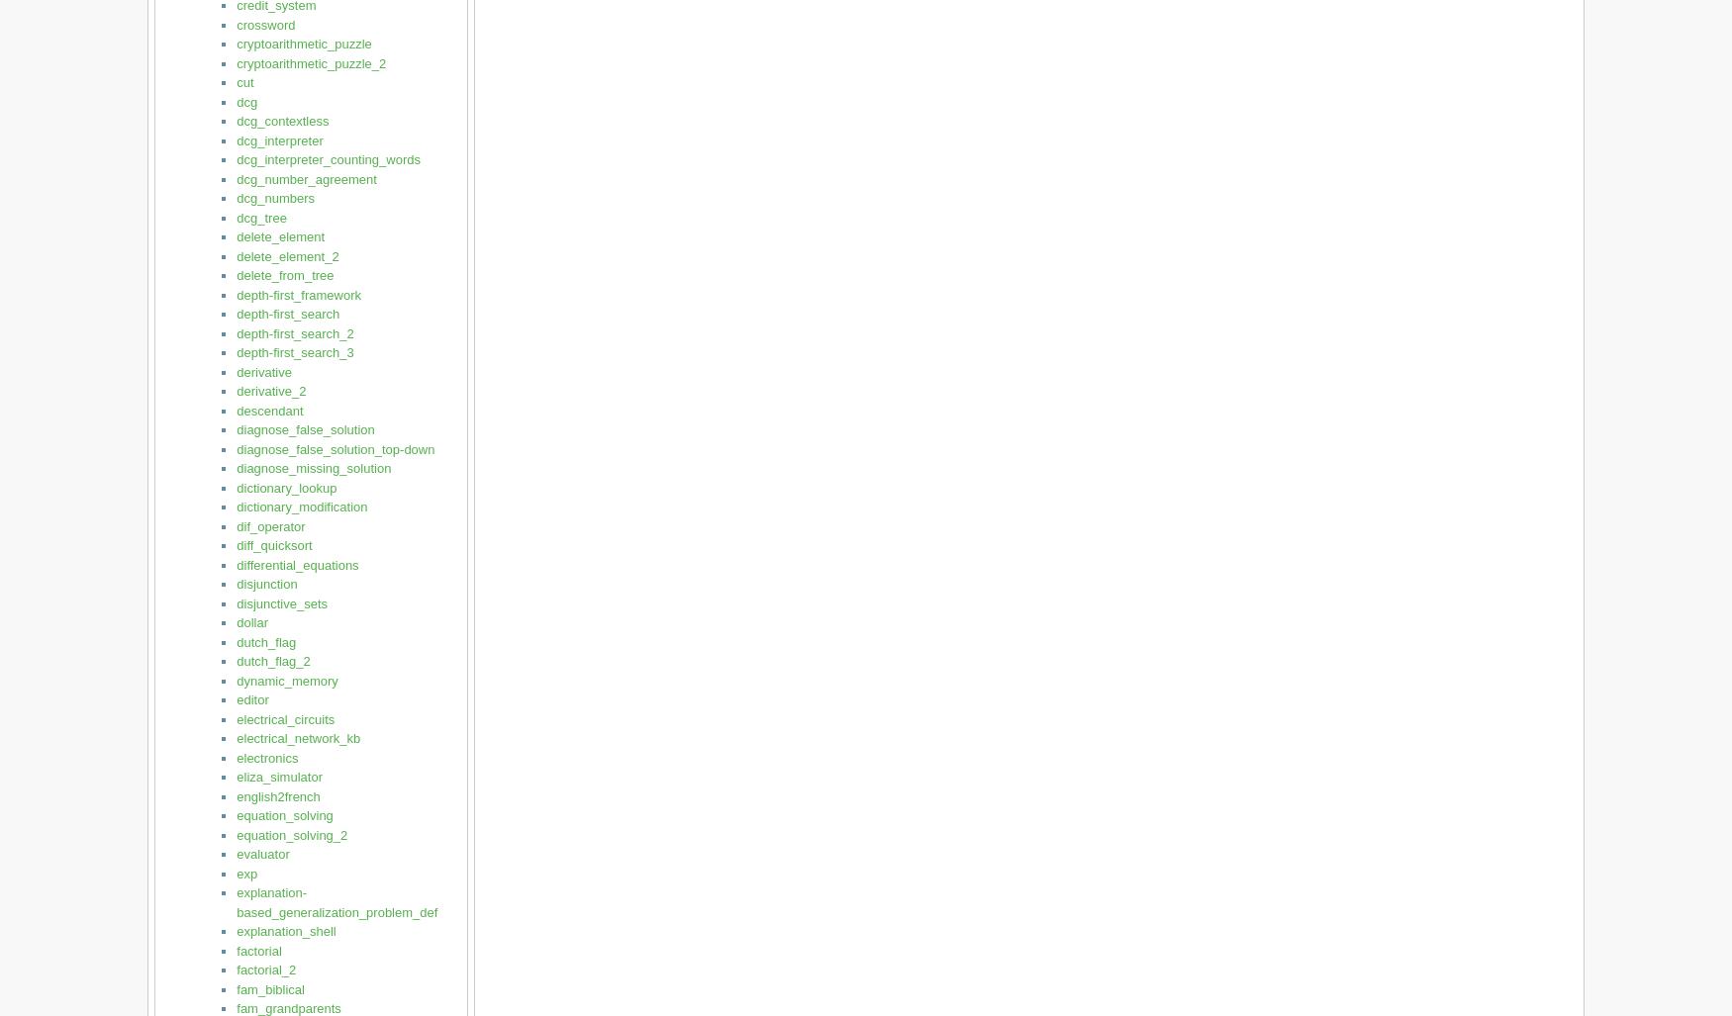 The height and width of the screenshot is (1016, 1732). What do you see at coordinates (285, 680) in the screenshot?
I see `'dynamic_memory'` at bounding box center [285, 680].